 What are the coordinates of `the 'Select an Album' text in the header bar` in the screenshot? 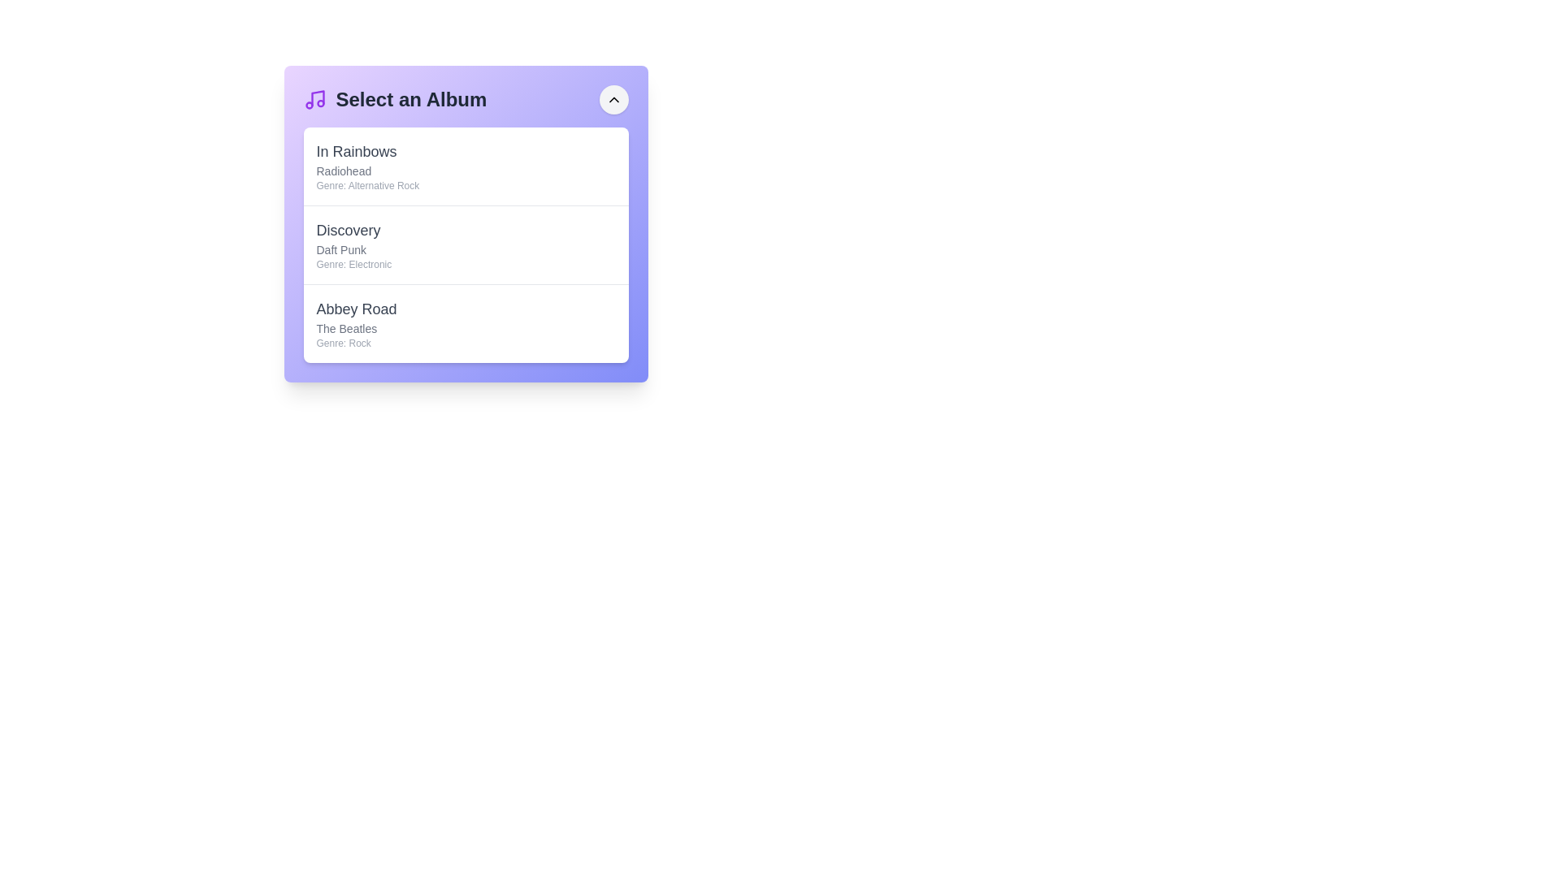 It's located at (465, 100).